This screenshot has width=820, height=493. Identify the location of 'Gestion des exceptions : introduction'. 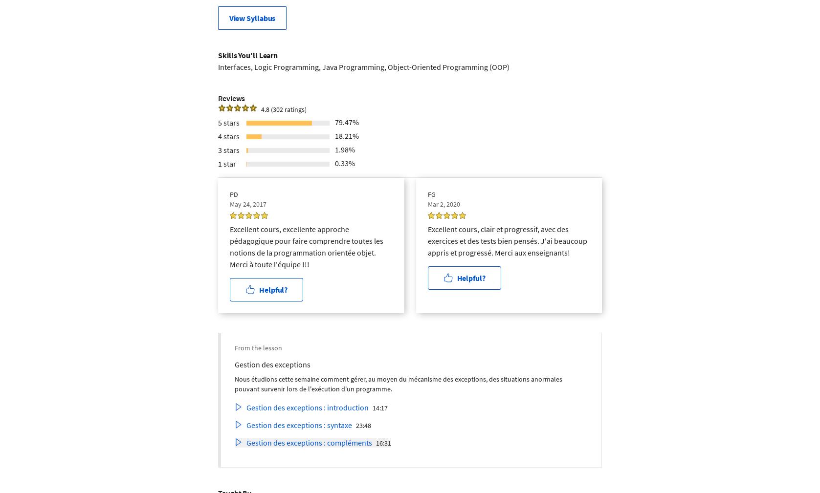
(308, 407).